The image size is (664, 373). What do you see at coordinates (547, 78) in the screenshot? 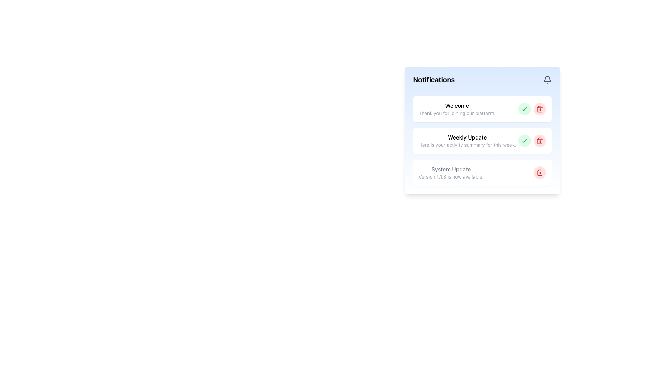
I see `the bell icon located in the top-right corner of the notifications panel` at bounding box center [547, 78].